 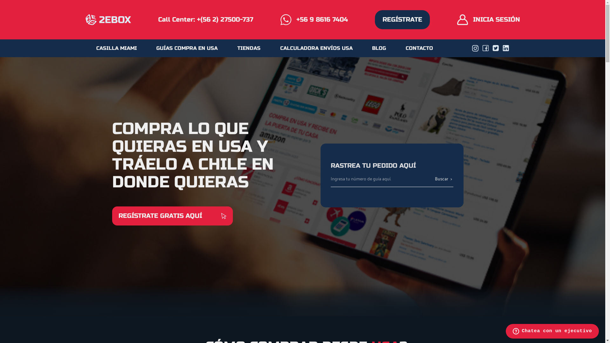 What do you see at coordinates (552, 332) in the screenshot?
I see `'Opens a widget where you can find more information'` at bounding box center [552, 332].